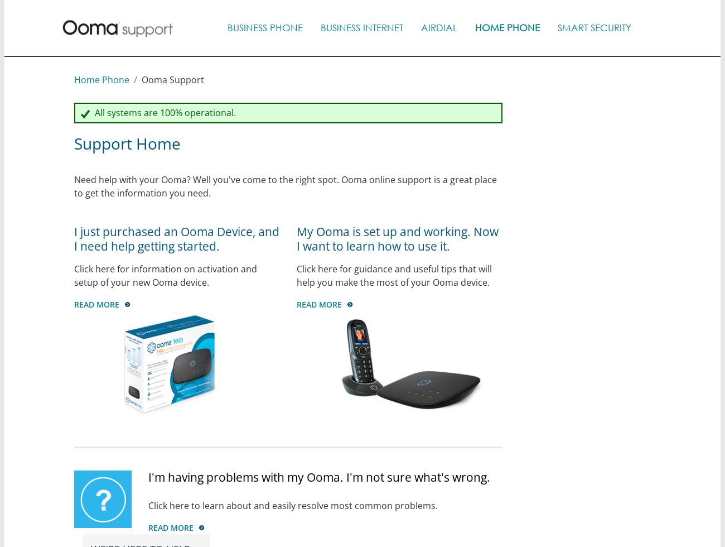 The height and width of the screenshot is (547, 725). I want to click on 'My Ooma is set up and working. Now I want to learn how to use it.', so click(296, 238).